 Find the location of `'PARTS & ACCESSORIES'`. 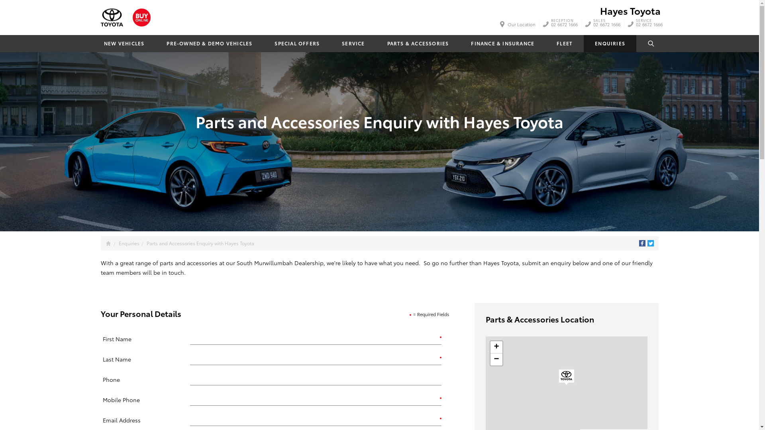

'PARTS & ACCESSORIES' is located at coordinates (417, 43).